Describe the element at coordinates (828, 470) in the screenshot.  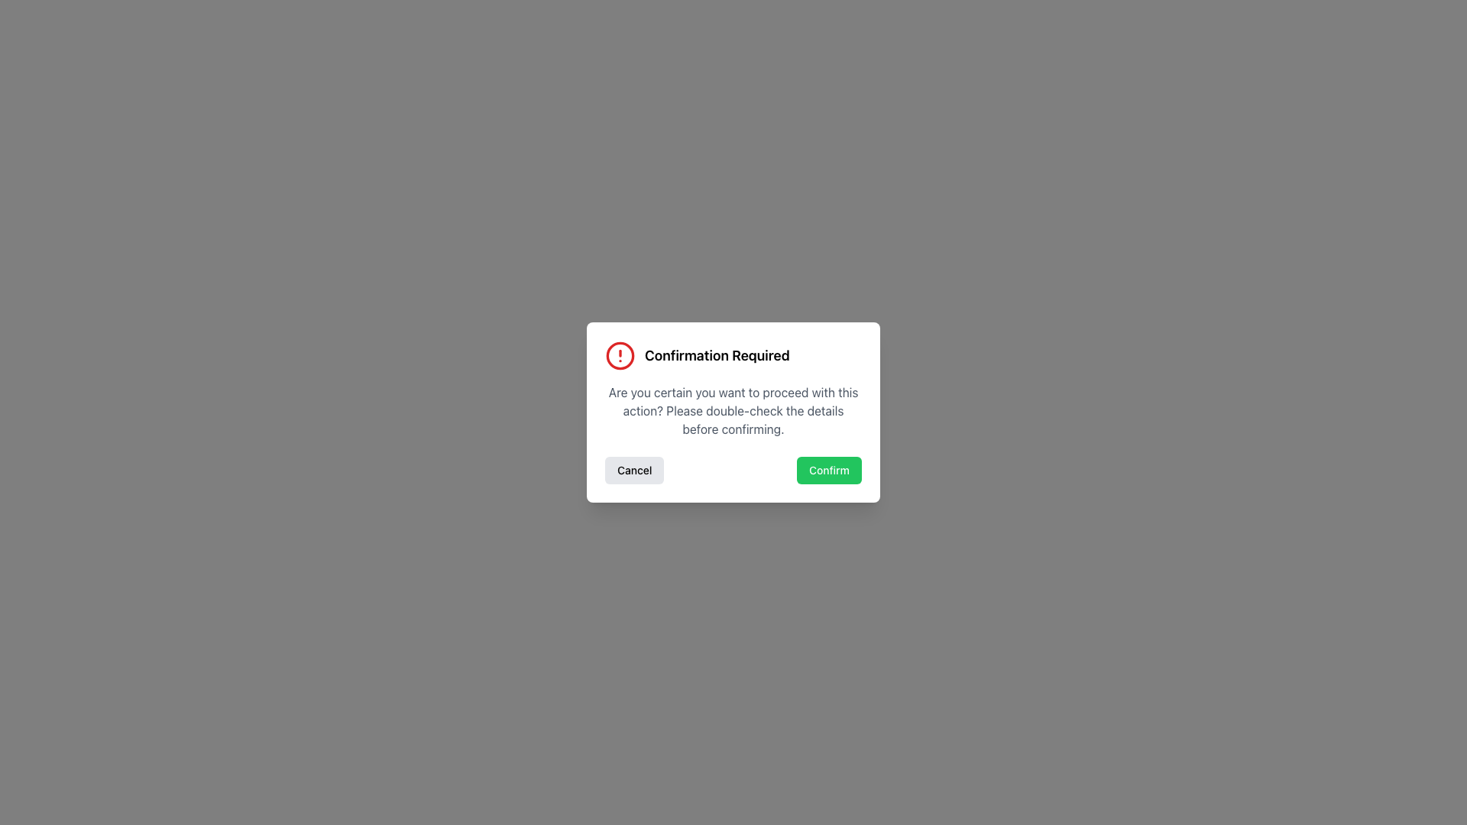
I see `the 'Confirm' button located at the bottom-right of the modal window to proceed with the operation` at that location.